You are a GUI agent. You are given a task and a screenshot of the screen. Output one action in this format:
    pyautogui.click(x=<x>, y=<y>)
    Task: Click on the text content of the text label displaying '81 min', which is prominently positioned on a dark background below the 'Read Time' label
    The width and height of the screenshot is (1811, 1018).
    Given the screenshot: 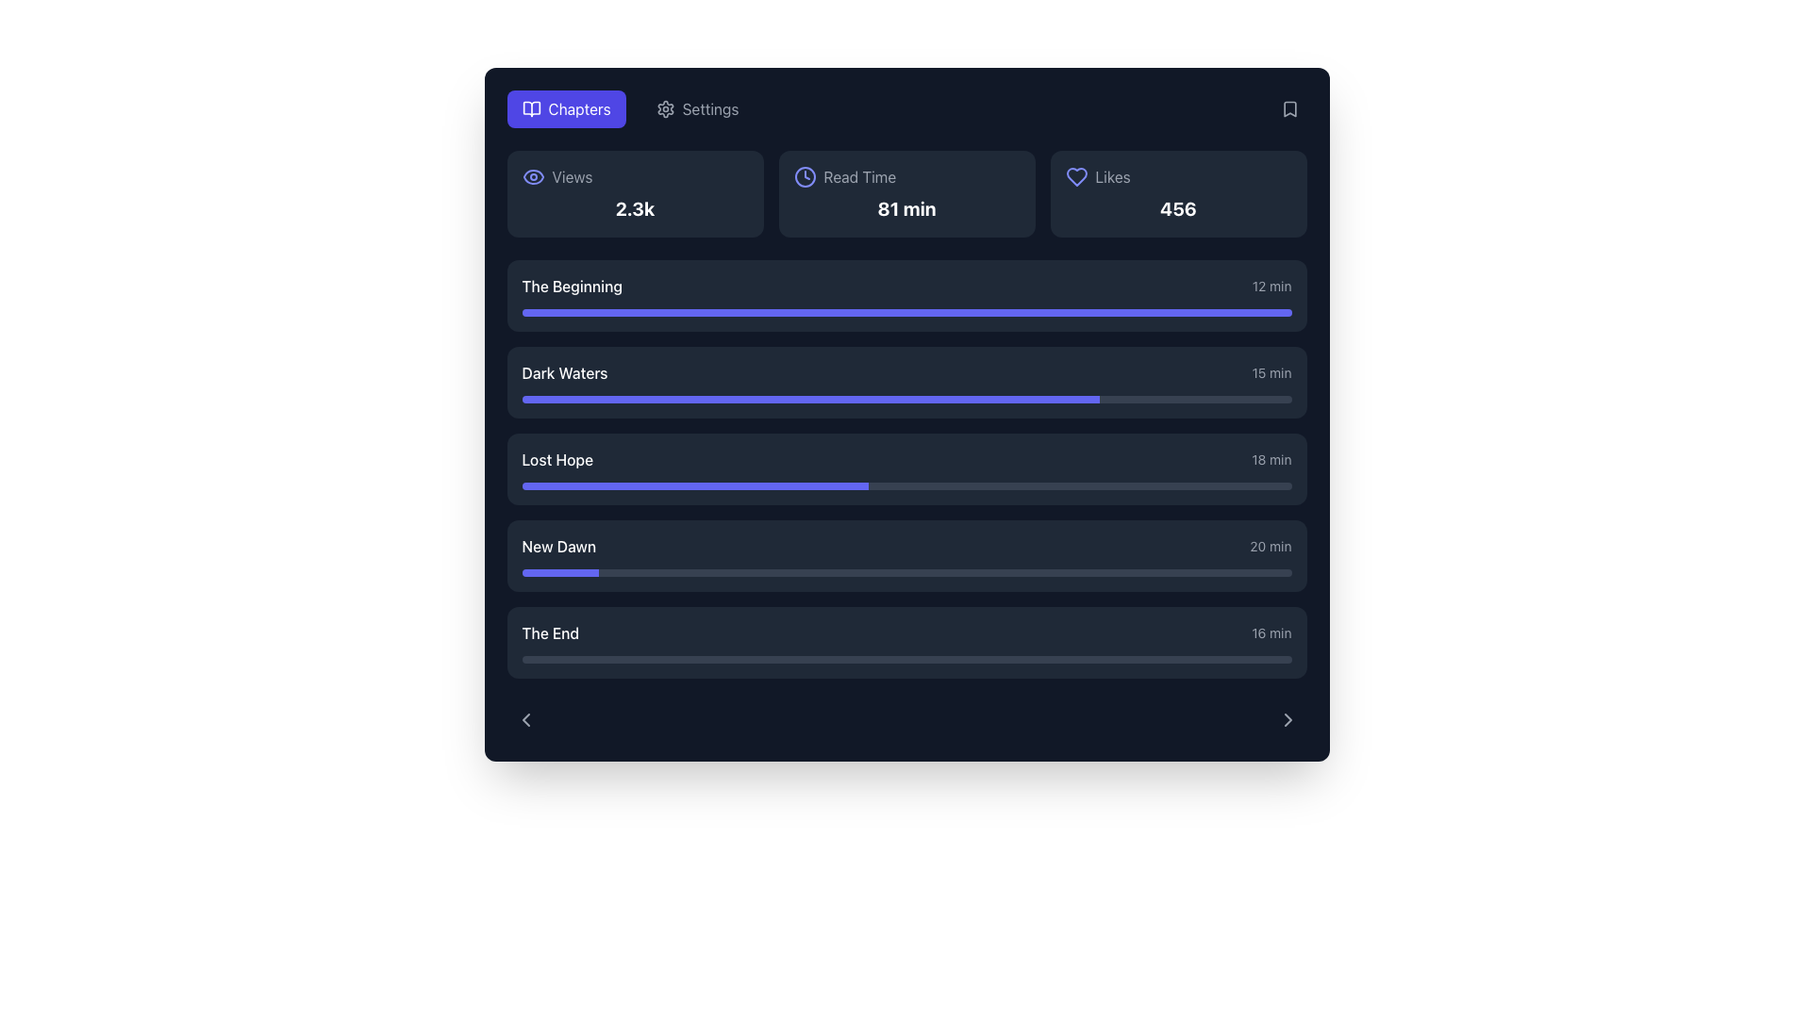 What is the action you would take?
    pyautogui.click(x=906, y=209)
    